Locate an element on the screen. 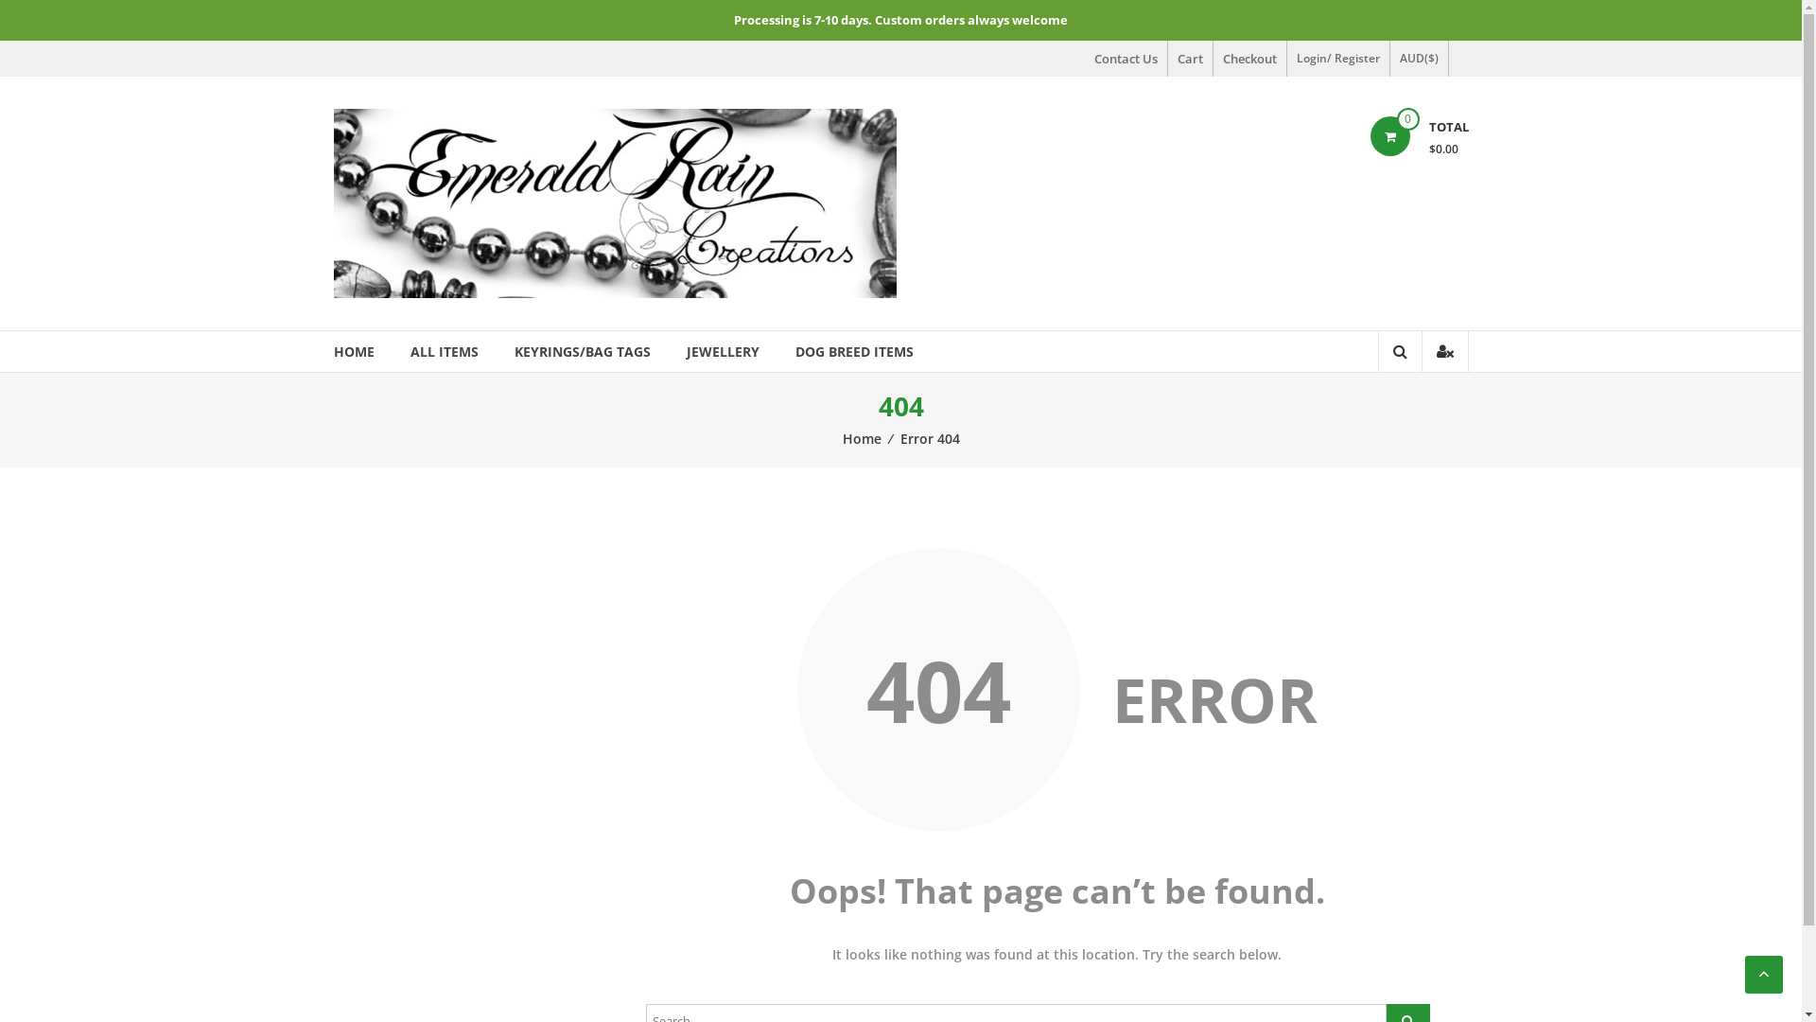 The width and height of the screenshot is (1816, 1022). 'KEYRINGS/BAG TAGS' is located at coordinates (581, 351).